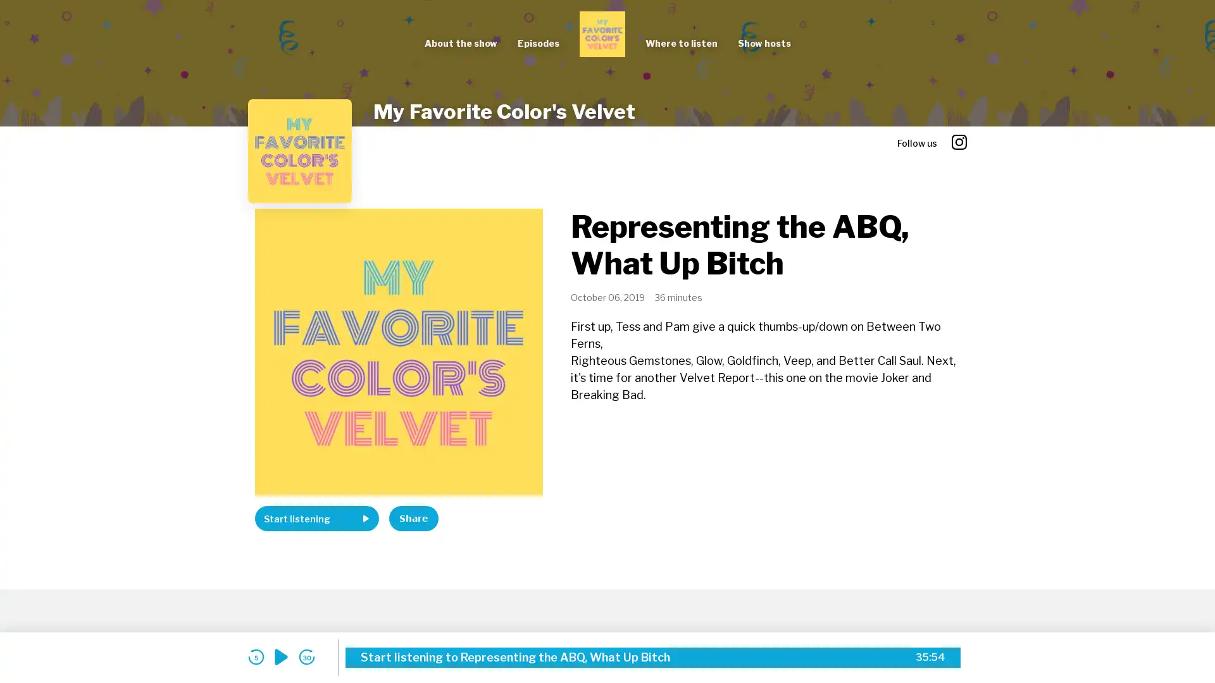 This screenshot has height=683, width=1215. Describe the element at coordinates (306, 656) in the screenshot. I see `skip forward 30 seconds` at that location.